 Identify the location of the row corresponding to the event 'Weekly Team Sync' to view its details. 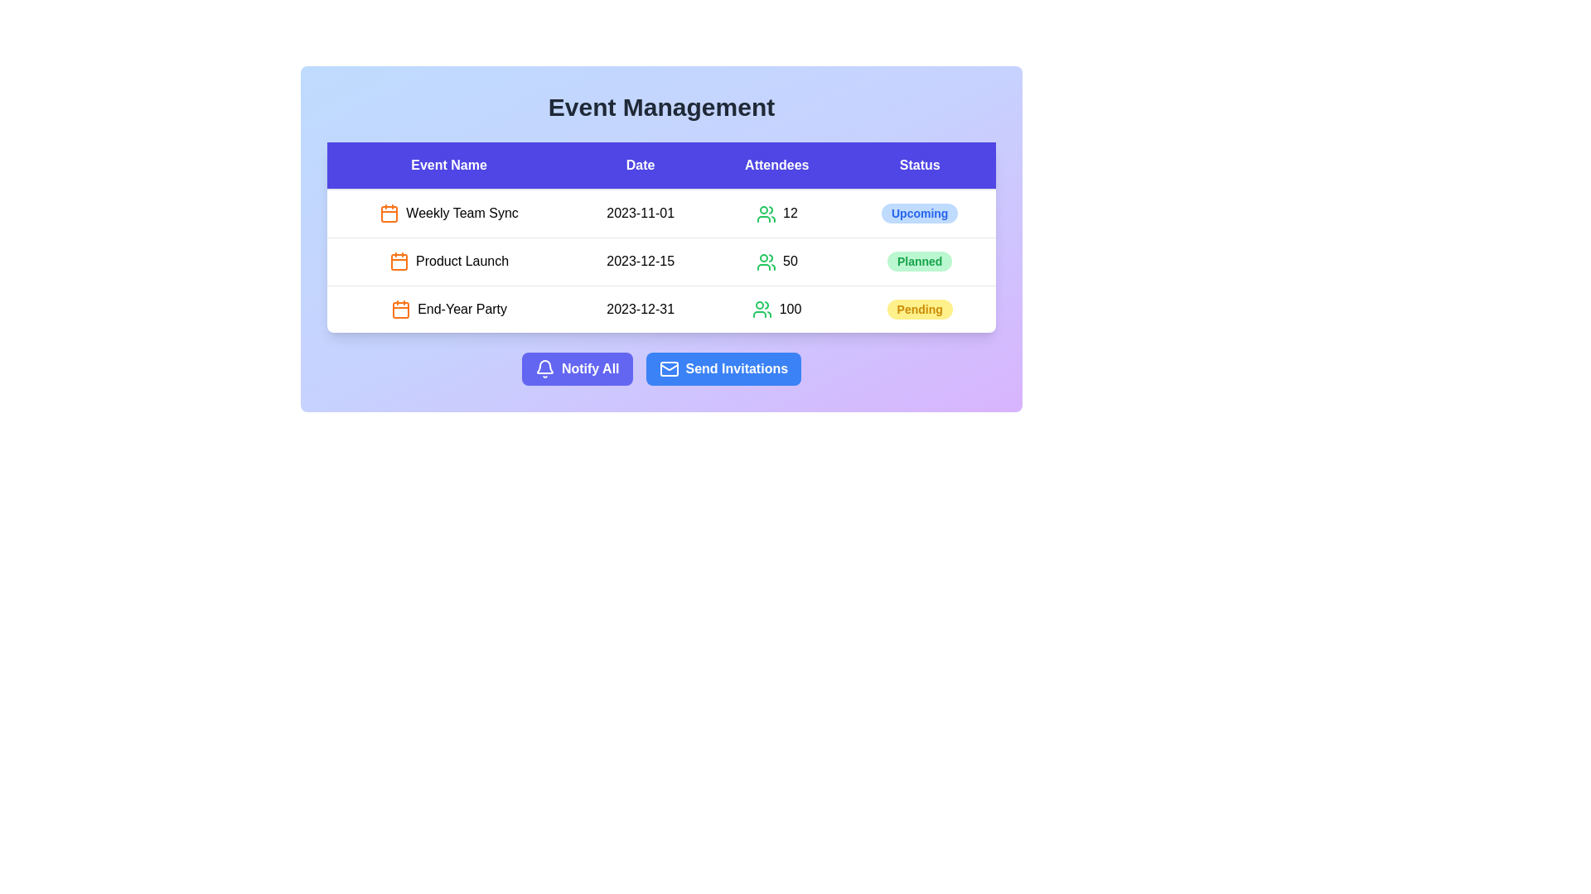
(449, 213).